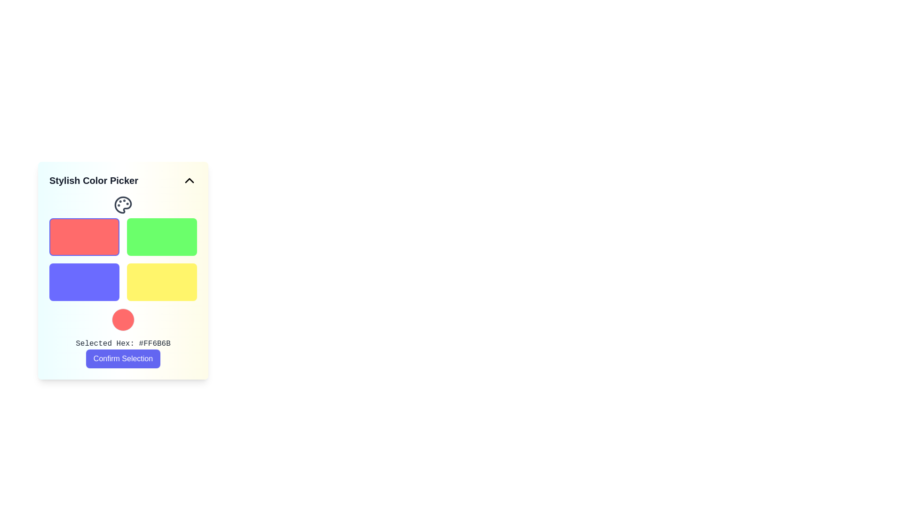 This screenshot has width=903, height=508. What do you see at coordinates (123, 319) in the screenshot?
I see `Color display icon located at the center of the bottom portion of the color picker interface, directly above the text 'Selected Hex: #FF6B6B'` at bounding box center [123, 319].